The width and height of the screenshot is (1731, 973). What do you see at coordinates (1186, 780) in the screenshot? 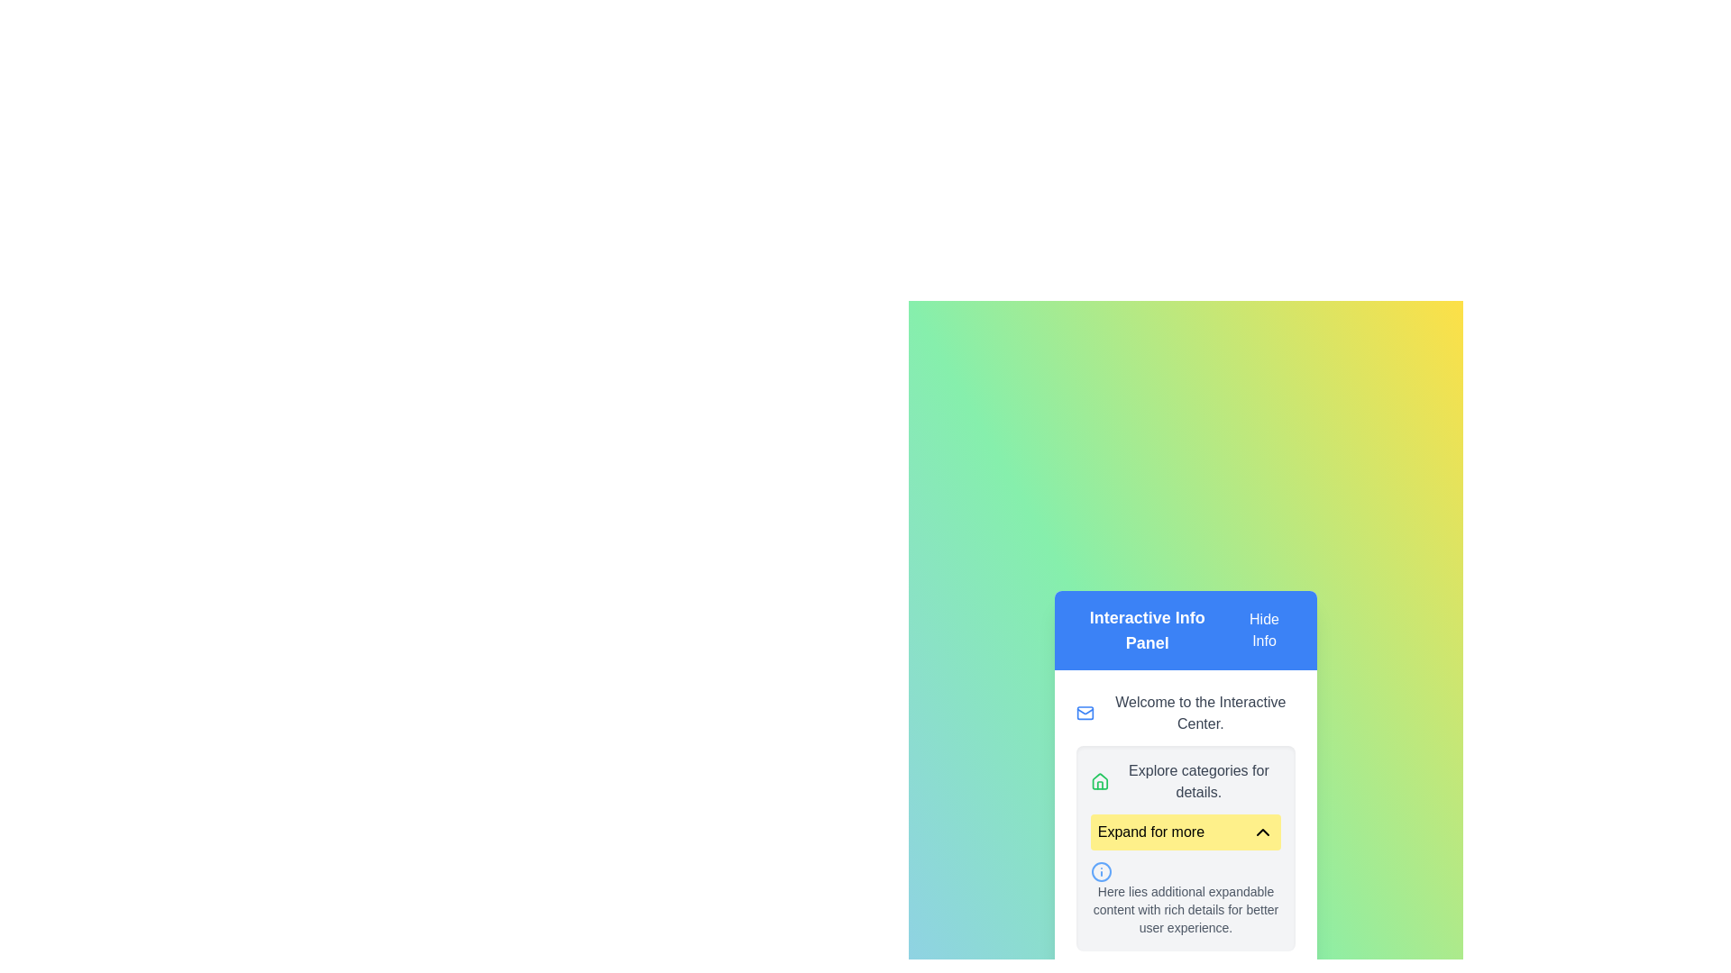
I see `informational text that says 'Explore categories for details.' which is represented by a green house icon on the left, located near the top-middle section of the panel` at bounding box center [1186, 780].